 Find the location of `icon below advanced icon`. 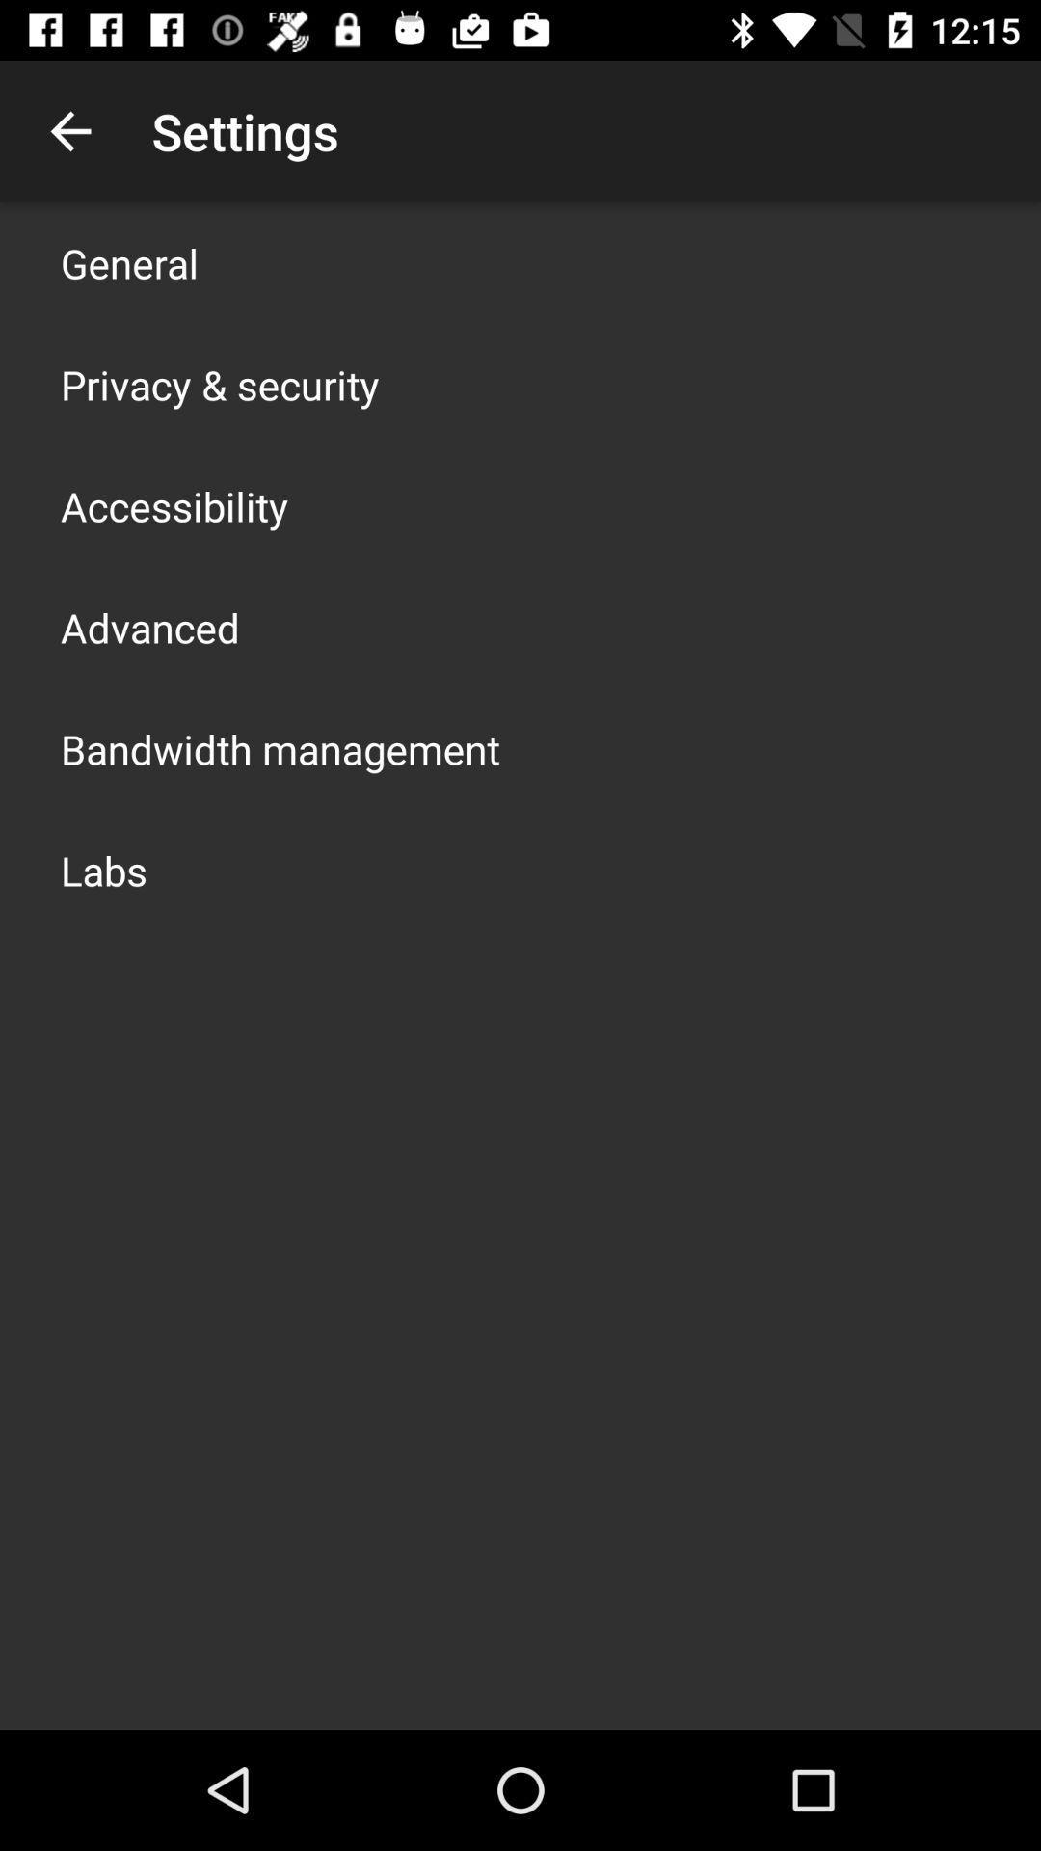

icon below advanced icon is located at coordinates (280, 748).